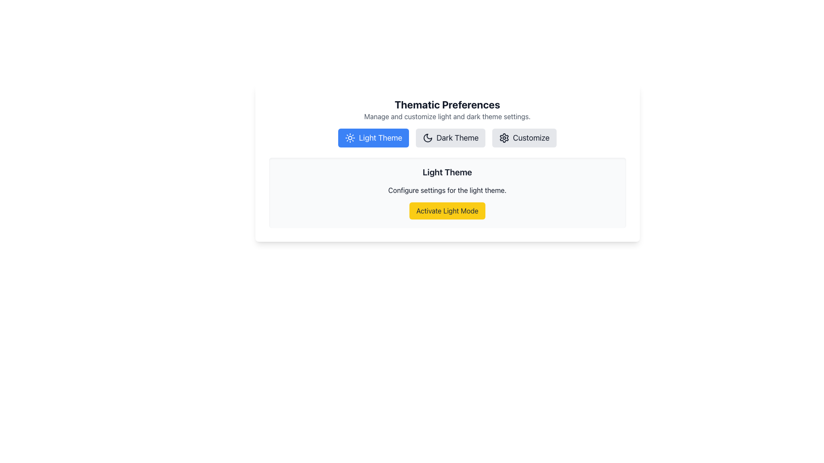  I want to click on the 'Customize' button, which is a rectangular button with rounded corners, light gray background, and dark text, located in the top-center portion of the interface, so click(524, 137).